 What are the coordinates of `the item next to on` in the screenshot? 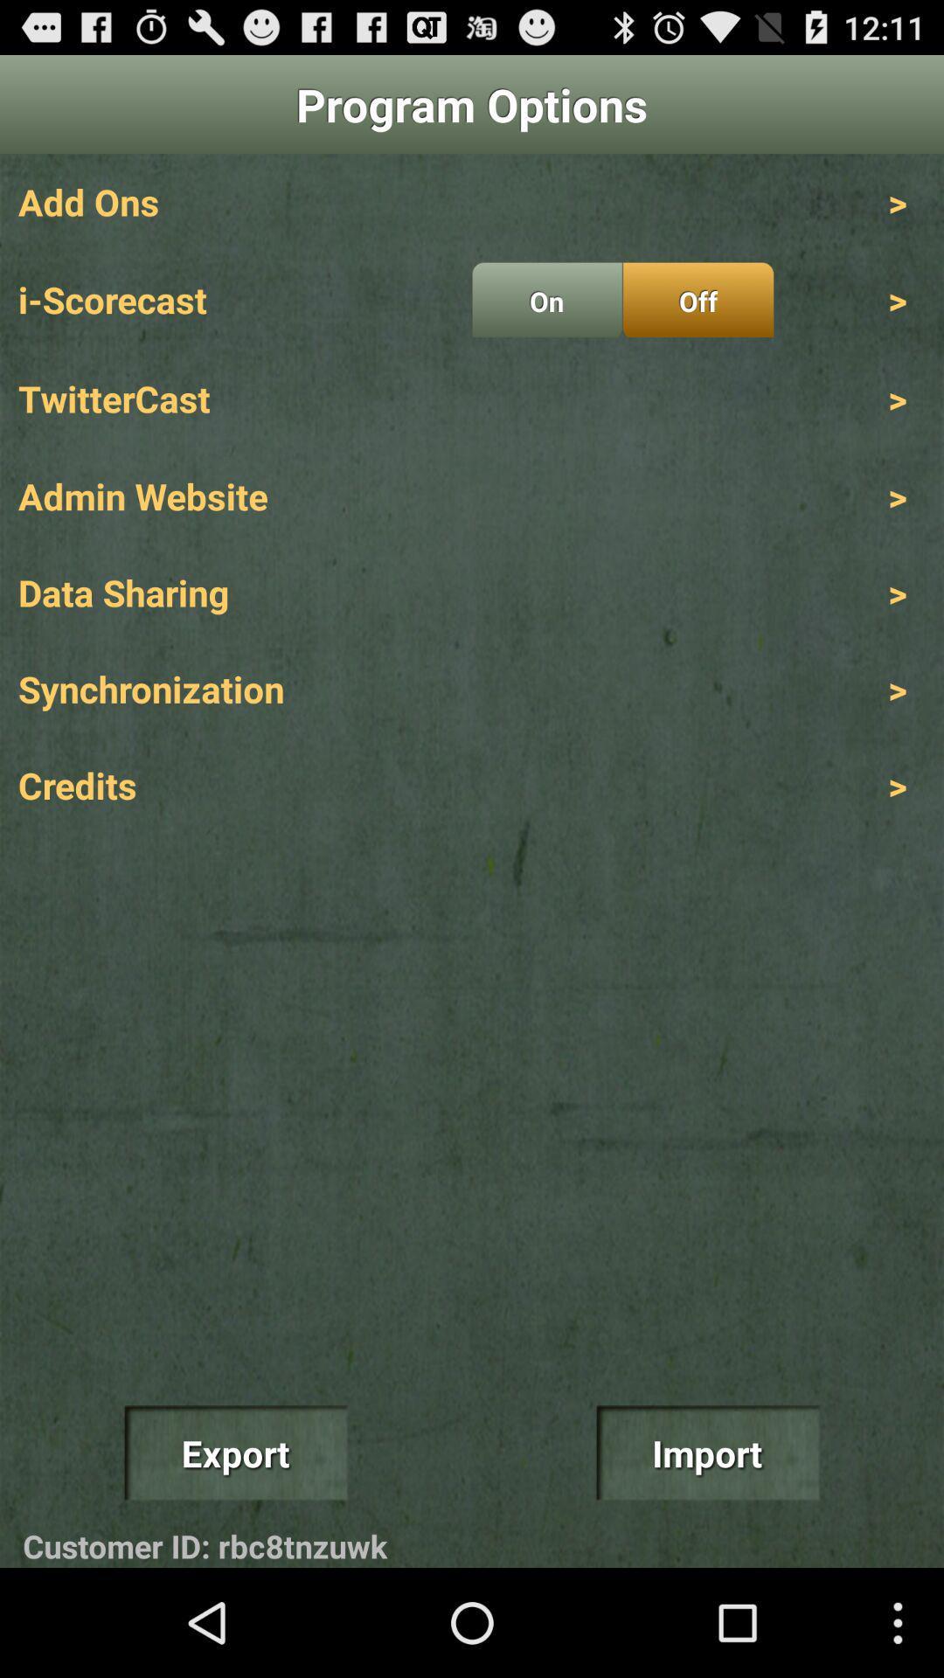 It's located at (698, 300).